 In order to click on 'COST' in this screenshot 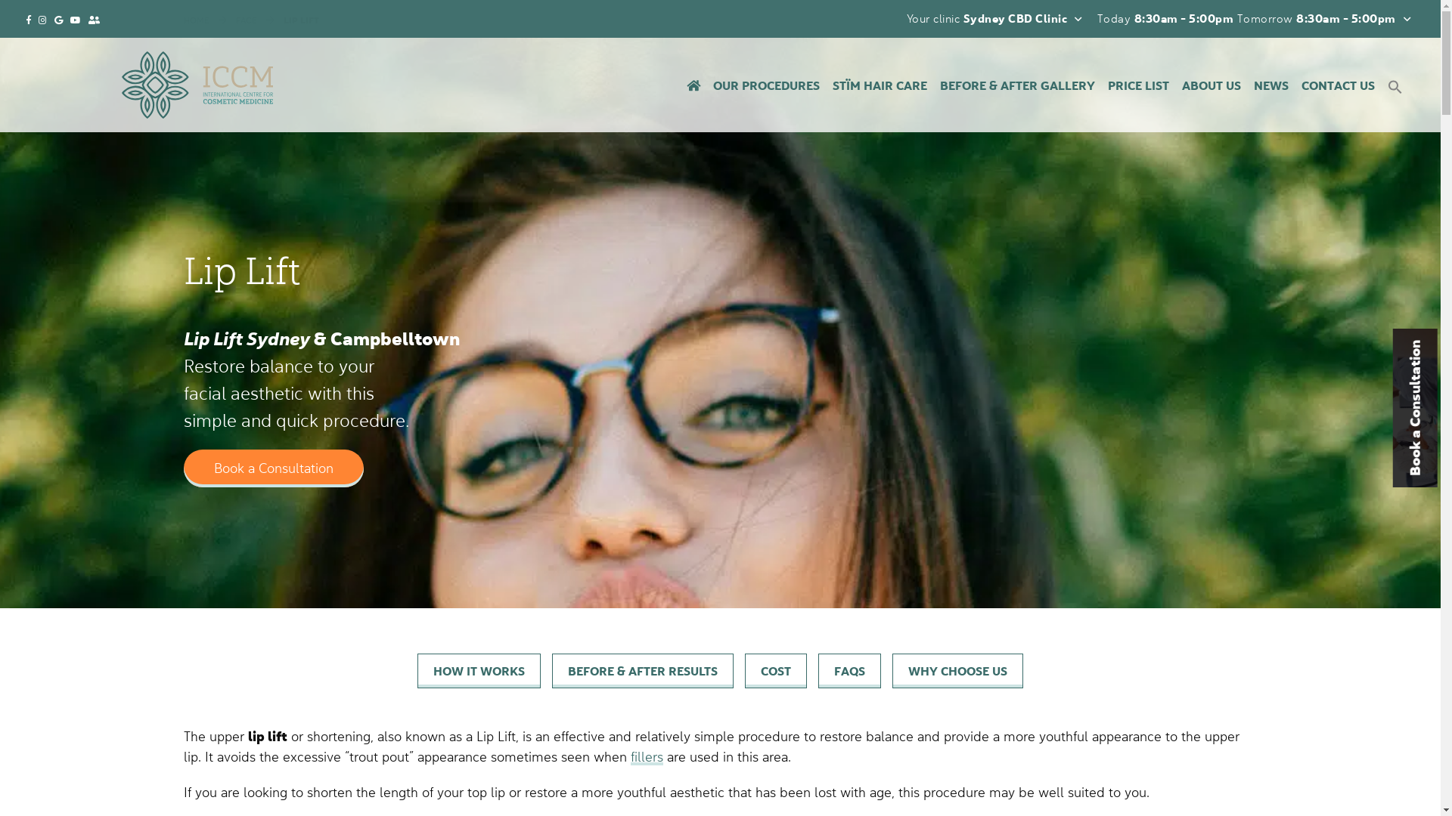, I will do `click(776, 669)`.